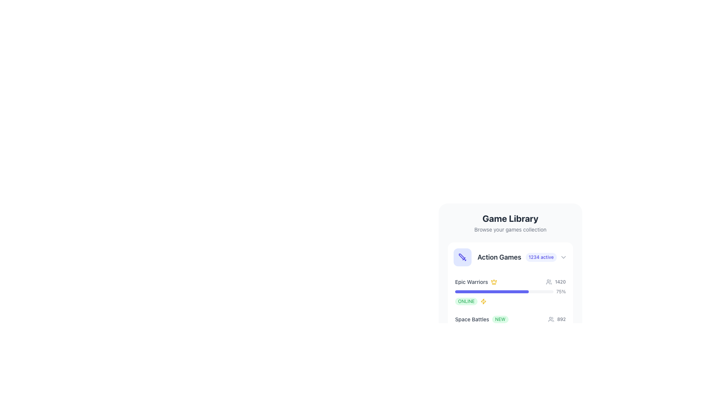  What do you see at coordinates (499, 257) in the screenshot?
I see `the 'Action Games' text label in the Game Library interface, which is located to the right of an icon and to the left of a badge reading '1234 active'` at bounding box center [499, 257].